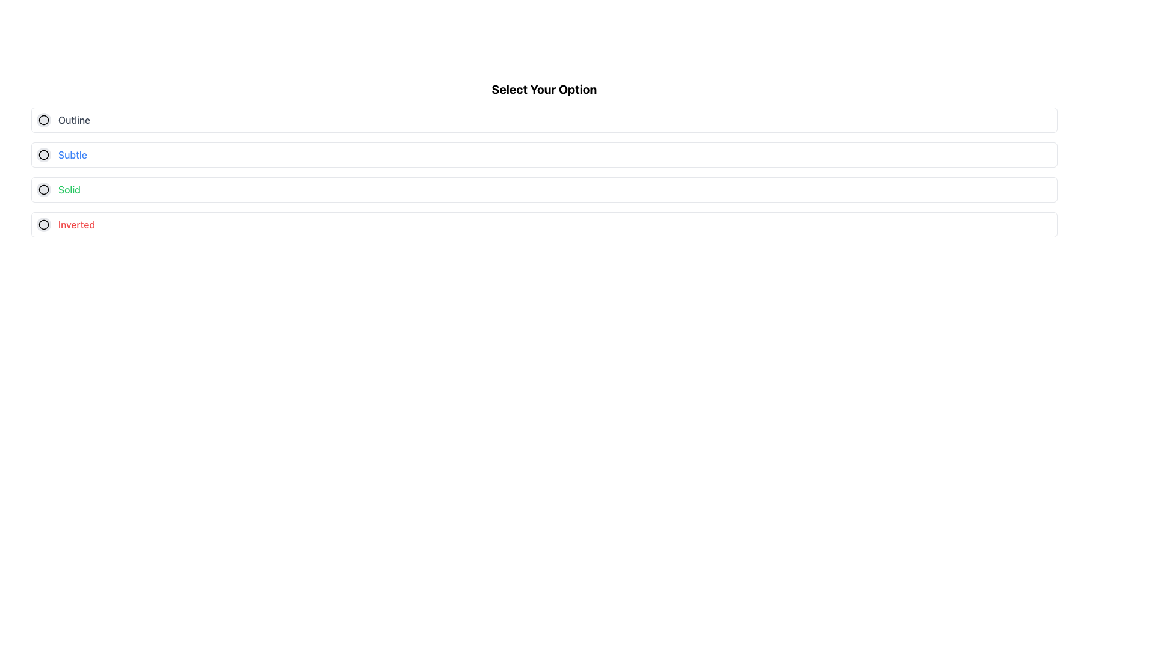 The width and height of the screenshot is (1155, 649). What do you see at coordinates (43, 120) in the screenshot?
I see `the radio button located in the first row of a vertical list of options` at bounding box center [43, 120].